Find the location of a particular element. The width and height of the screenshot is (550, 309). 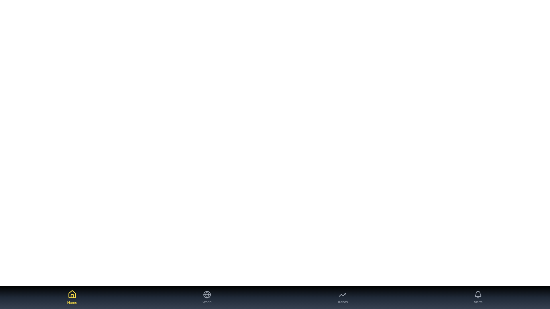

the Alerts button to observe the hover effect is located at coordinates (478, 297).